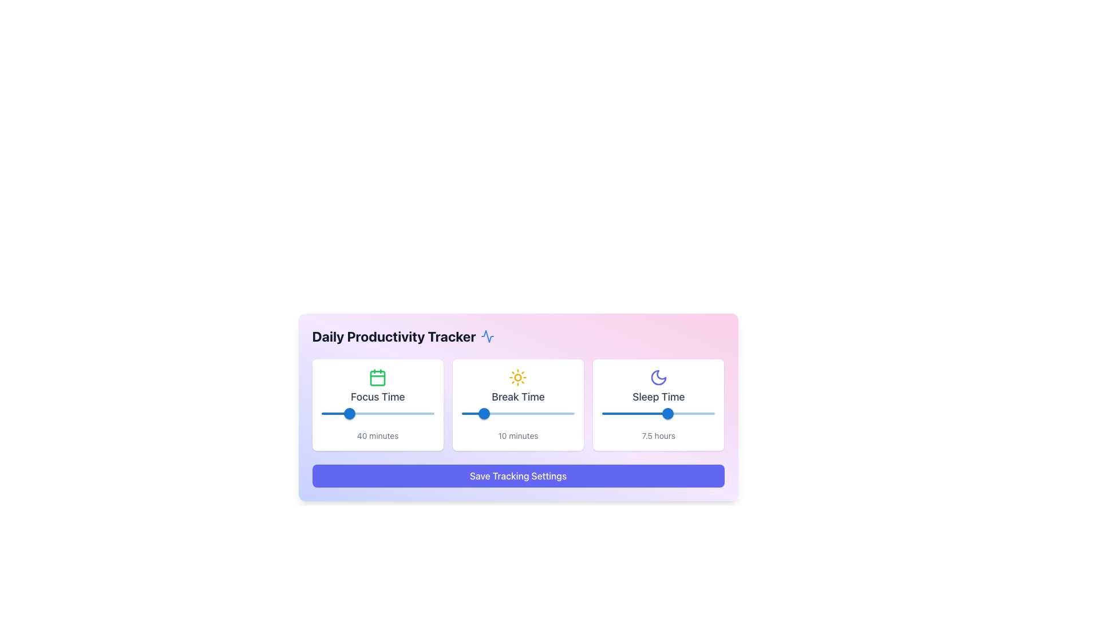  I want to click on the sun icon representing the 'Break Time' section in the Daily Productivity Tracker interface, which is centrally located above the text 'Break Time', so click(517, 377).